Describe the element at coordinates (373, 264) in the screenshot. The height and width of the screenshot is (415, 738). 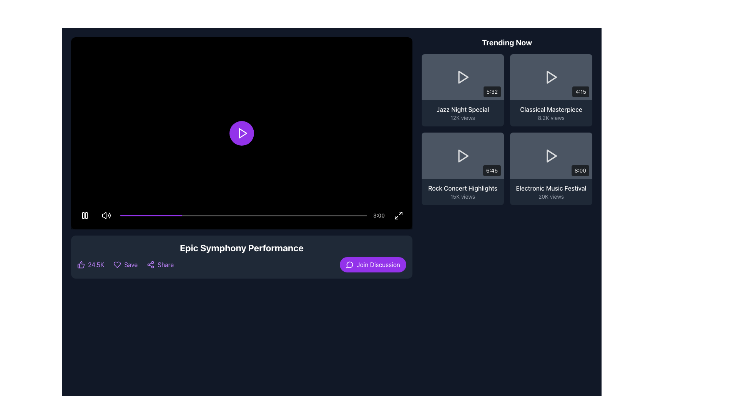
I see `the 'Join Discussion' button located at the bottom-right corner of the horizontal bar beneath the video playback area` at that location.